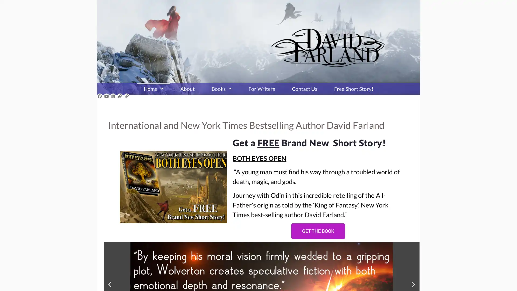  I want to click on Previous slide, so click(109, 284).